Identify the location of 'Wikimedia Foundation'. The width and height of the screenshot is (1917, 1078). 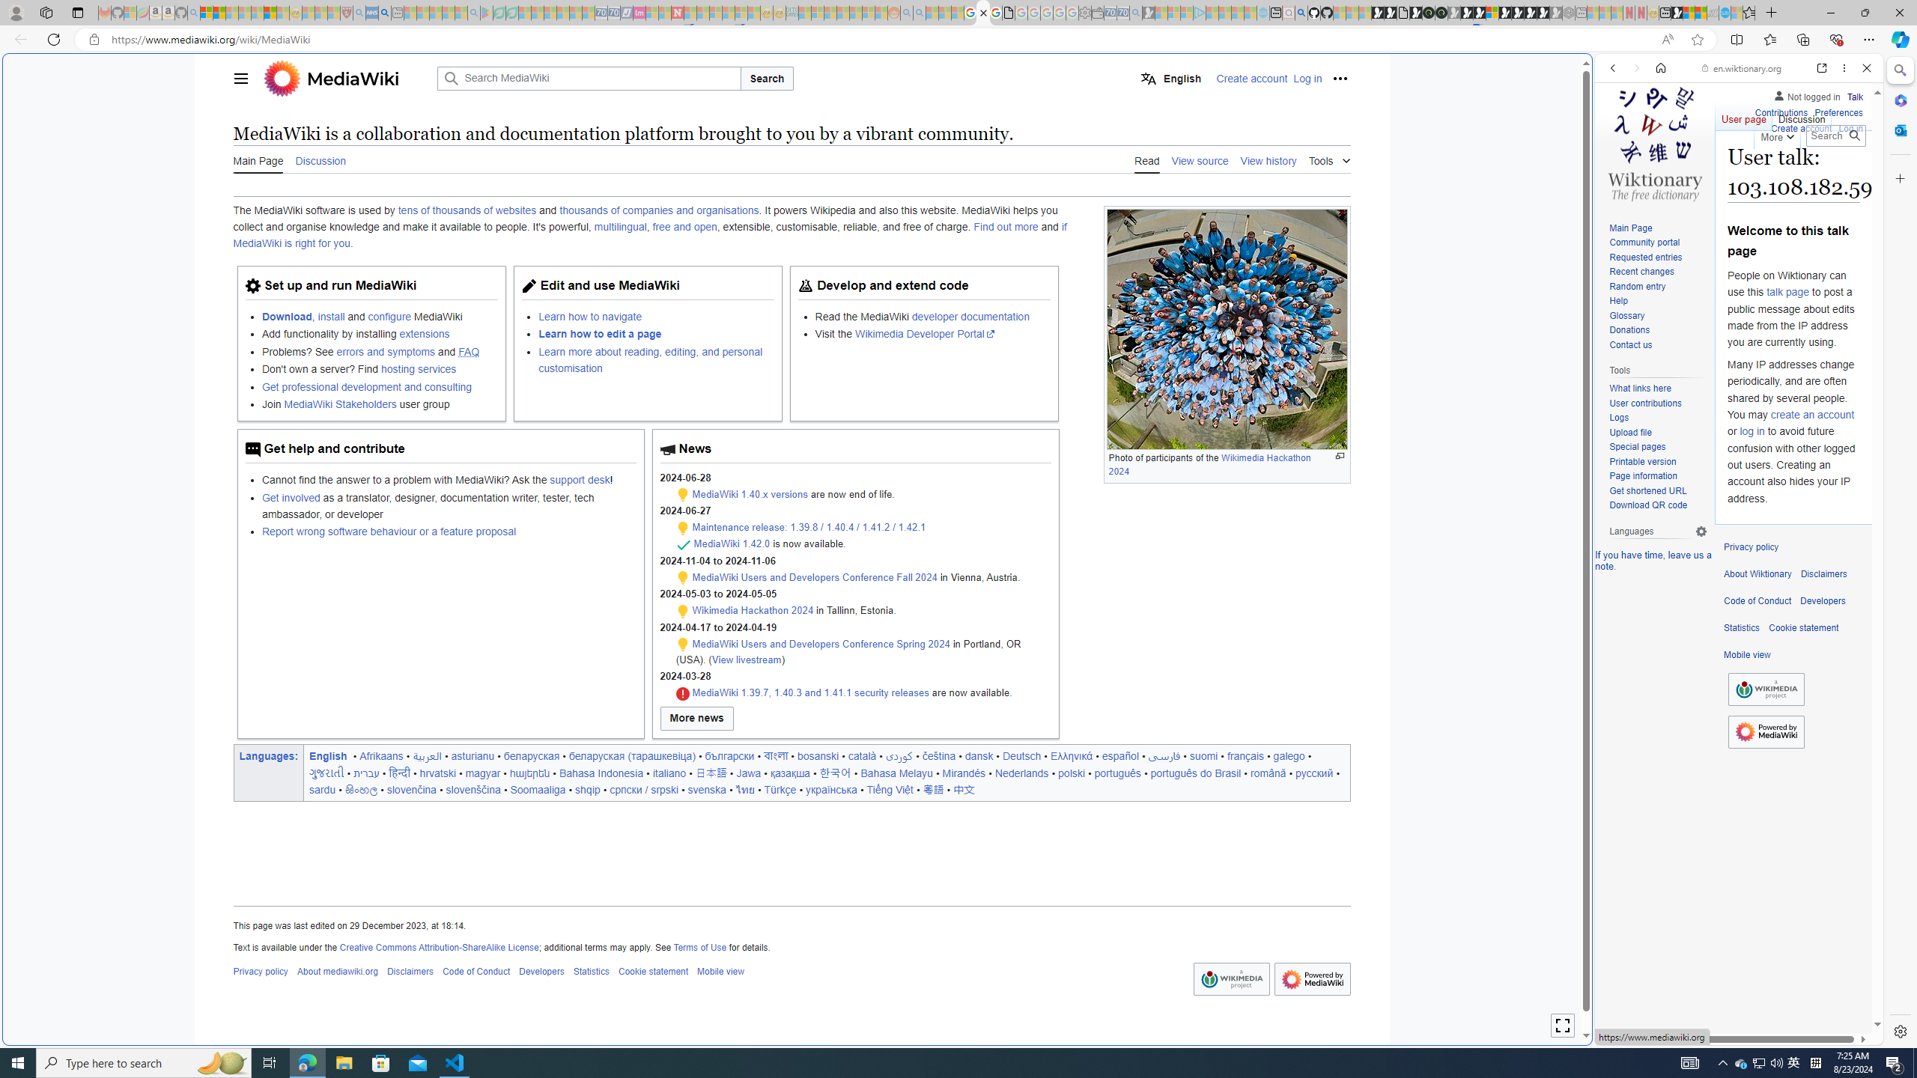
(1766, 688).